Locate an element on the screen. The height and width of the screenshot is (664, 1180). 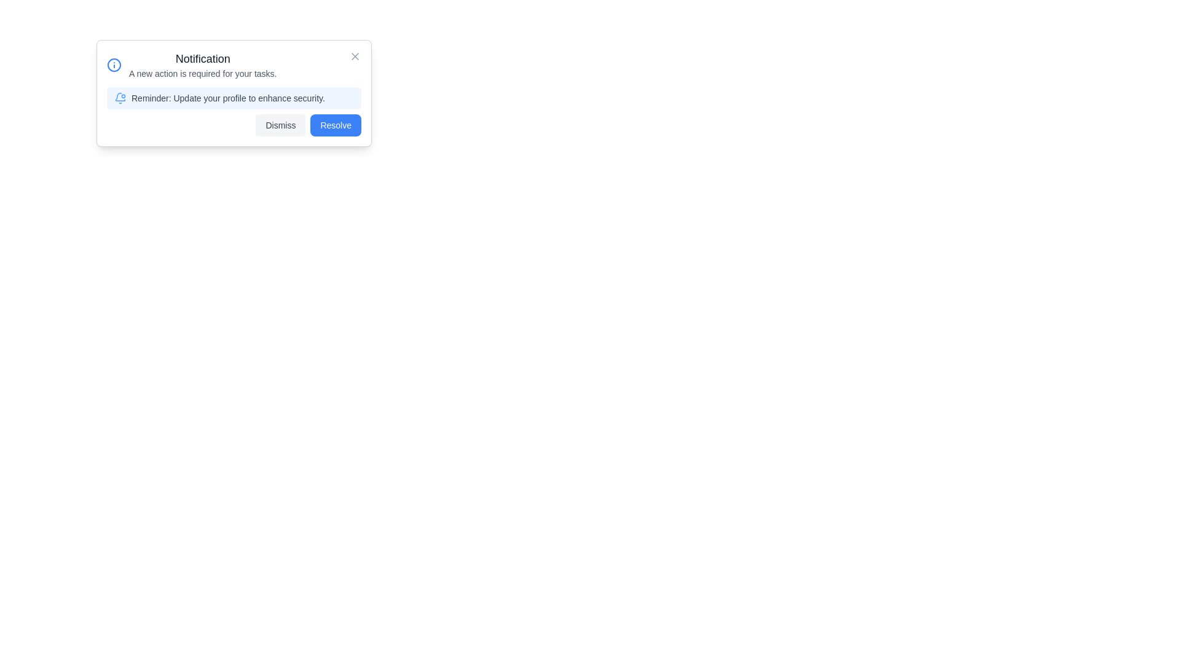
the light blue circular shape with a thin border, which is the central part of the notification icon is located at coordinates (114, 65).